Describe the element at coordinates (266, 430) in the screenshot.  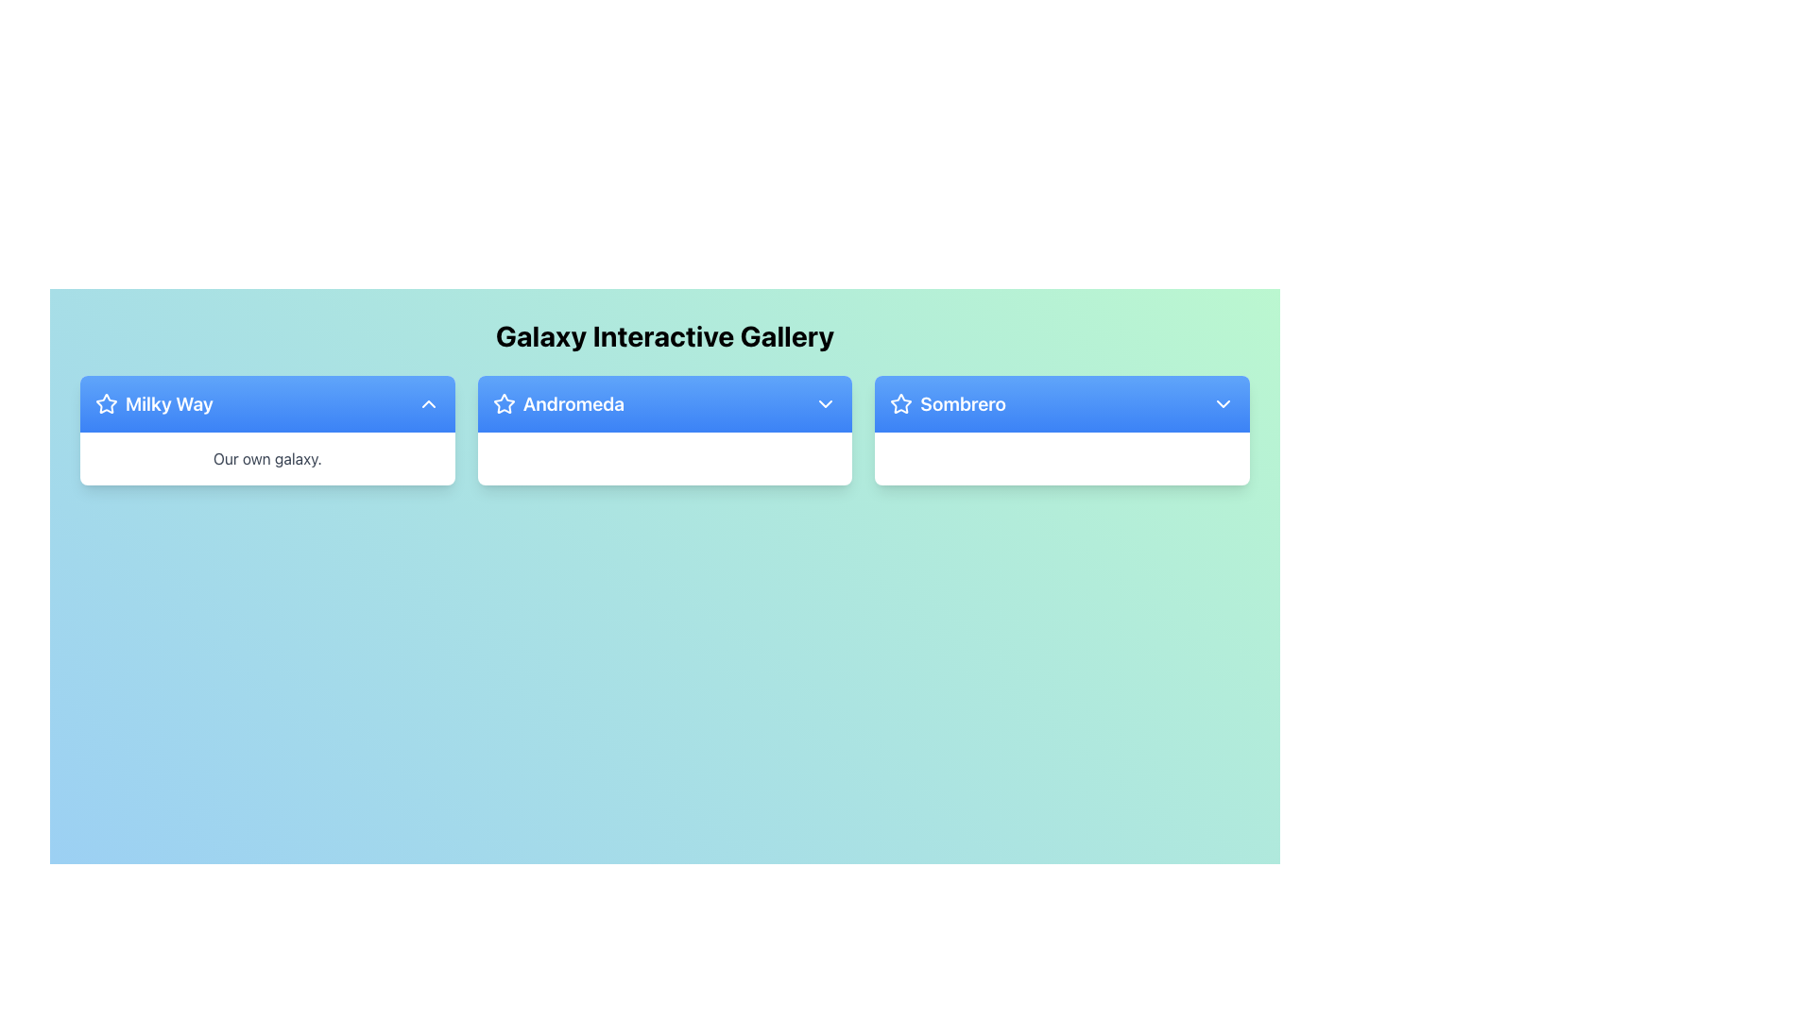
I see `the Information Card displaying 'Milky Way' with a blue title banner and a white background, positioned at the top left corner of the grid layout` at that location.